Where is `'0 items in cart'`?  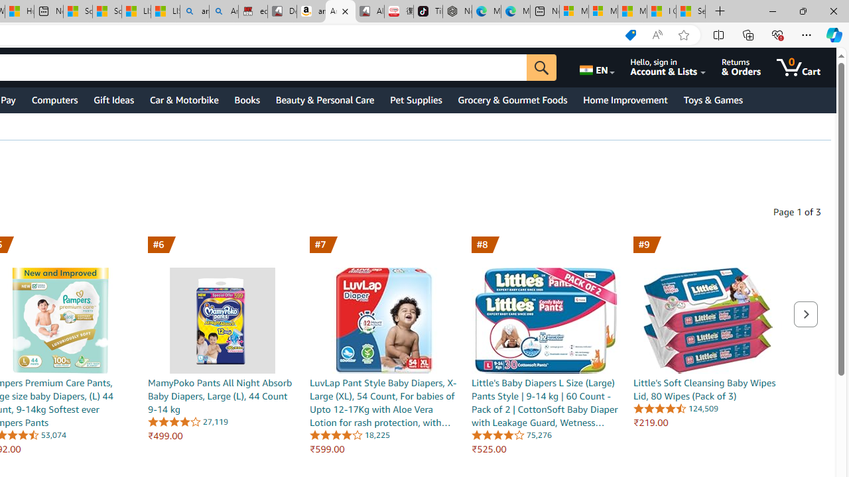
'0 items in cart' is located at coordinates (797, 67).